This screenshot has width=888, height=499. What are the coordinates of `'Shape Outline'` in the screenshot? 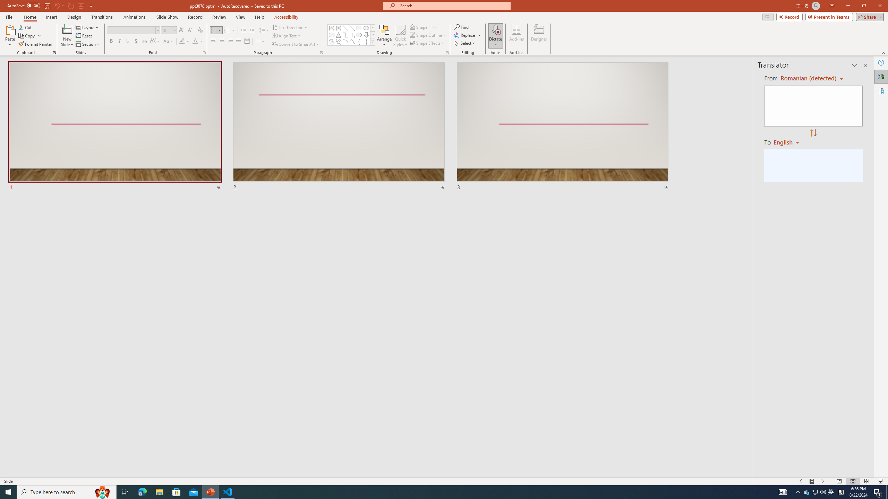 It's located at (427, 34).